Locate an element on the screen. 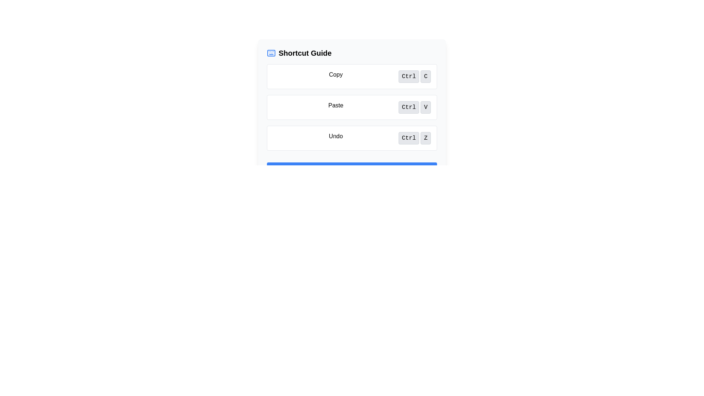 This screenshot has height=396, width=704. the button-like display element showing a bold 'V', which is styled with a light gray background and a darker gray border, located in the horizontal layout group representing the 'Paste' action is located at coordinates (426, 107).